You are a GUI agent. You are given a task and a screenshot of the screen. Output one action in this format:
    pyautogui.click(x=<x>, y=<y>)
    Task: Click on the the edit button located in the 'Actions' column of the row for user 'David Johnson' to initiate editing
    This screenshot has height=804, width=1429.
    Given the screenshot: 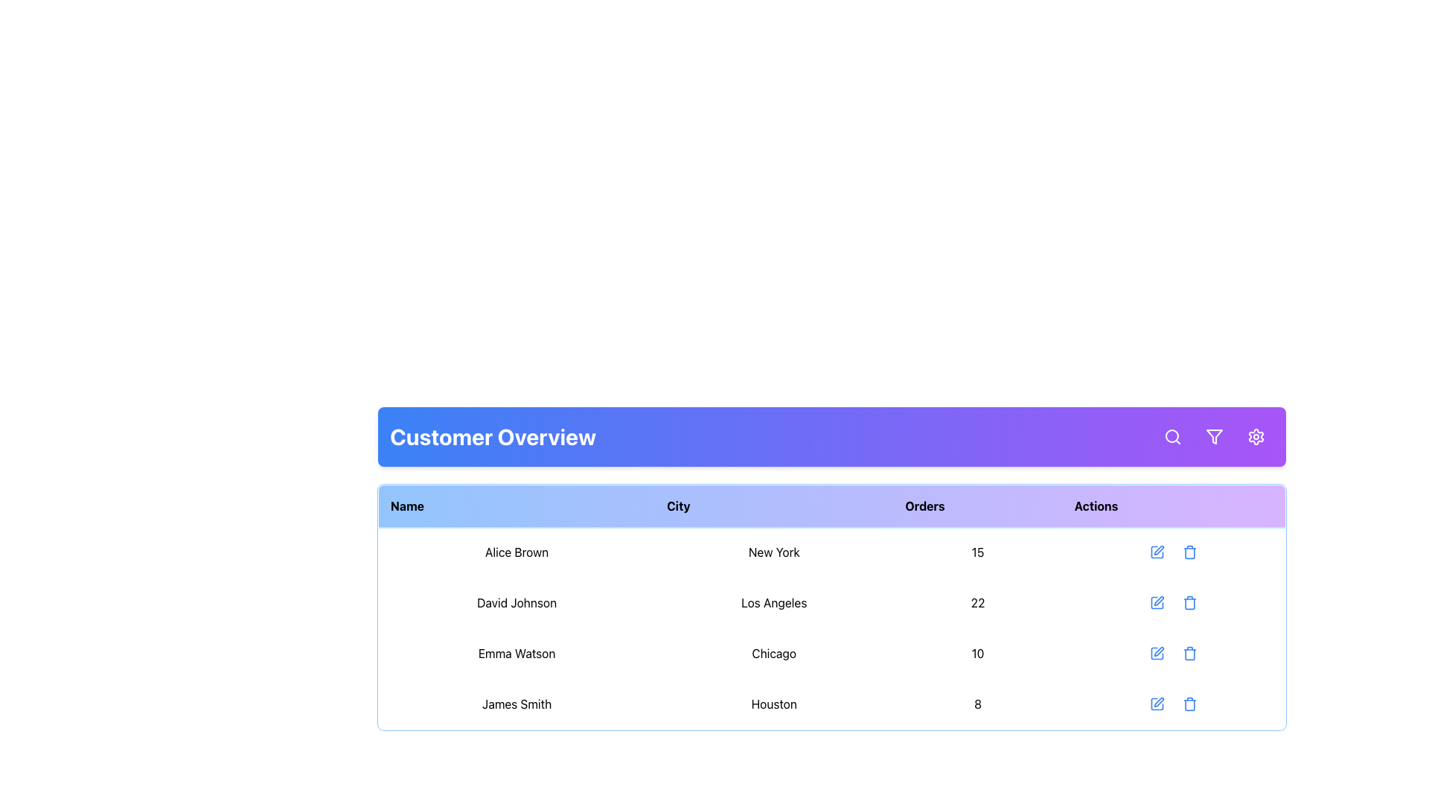 What is the action you would take?
    pyautogui.click(x=1157, y=603)
    